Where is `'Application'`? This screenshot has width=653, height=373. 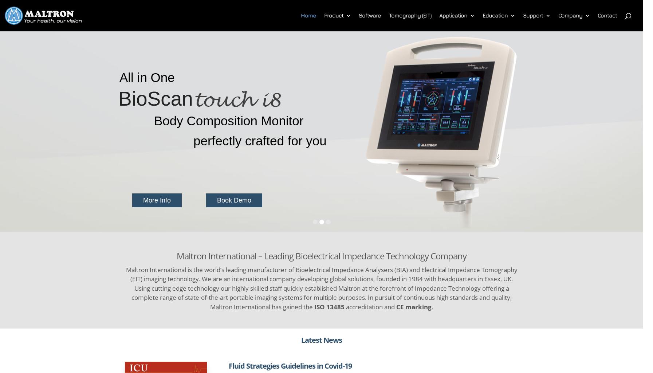 'Application' is located at coordinates (453, 15).